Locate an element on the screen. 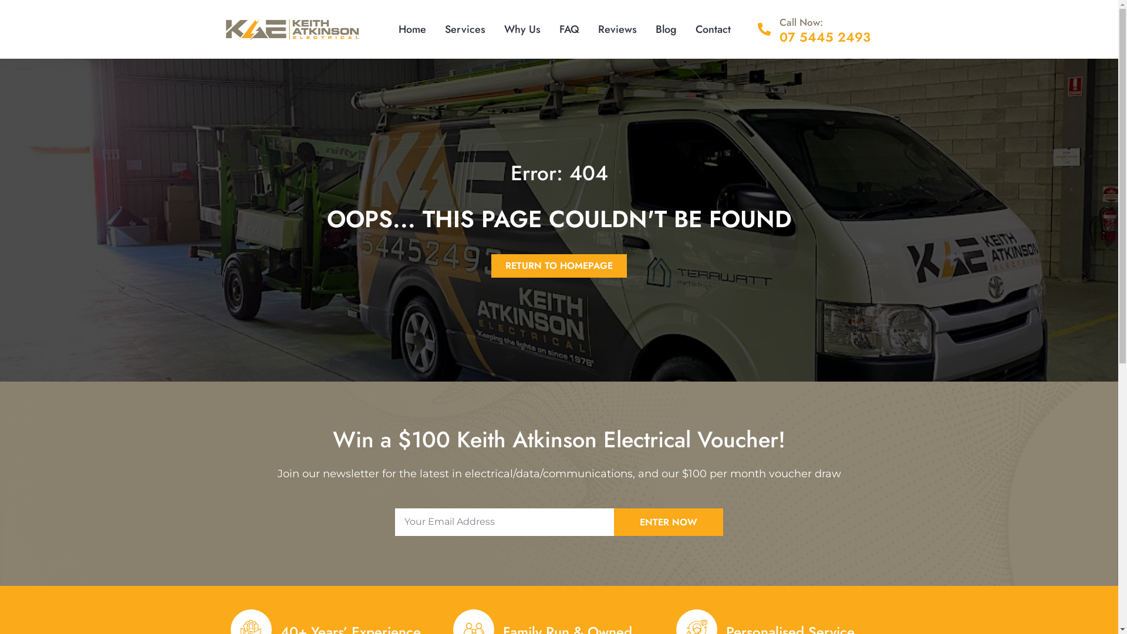 This screenshot has width=1127, height=634. 'Call Now:' is located at coordinates (800, 22).